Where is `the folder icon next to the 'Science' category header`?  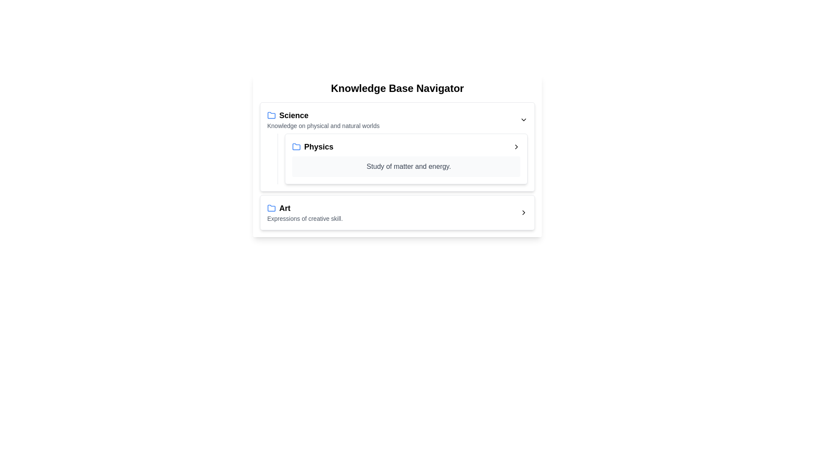
the folder icon next to the 'Science' category header is located at coordinates (323, 119).